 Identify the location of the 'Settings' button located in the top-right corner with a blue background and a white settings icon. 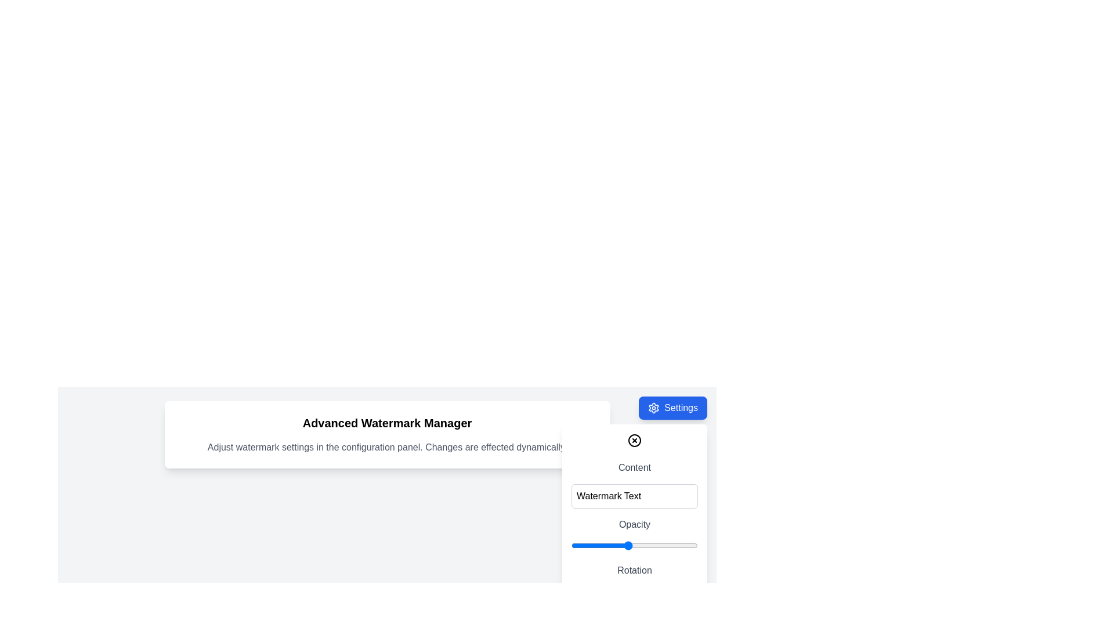
(673, 407).